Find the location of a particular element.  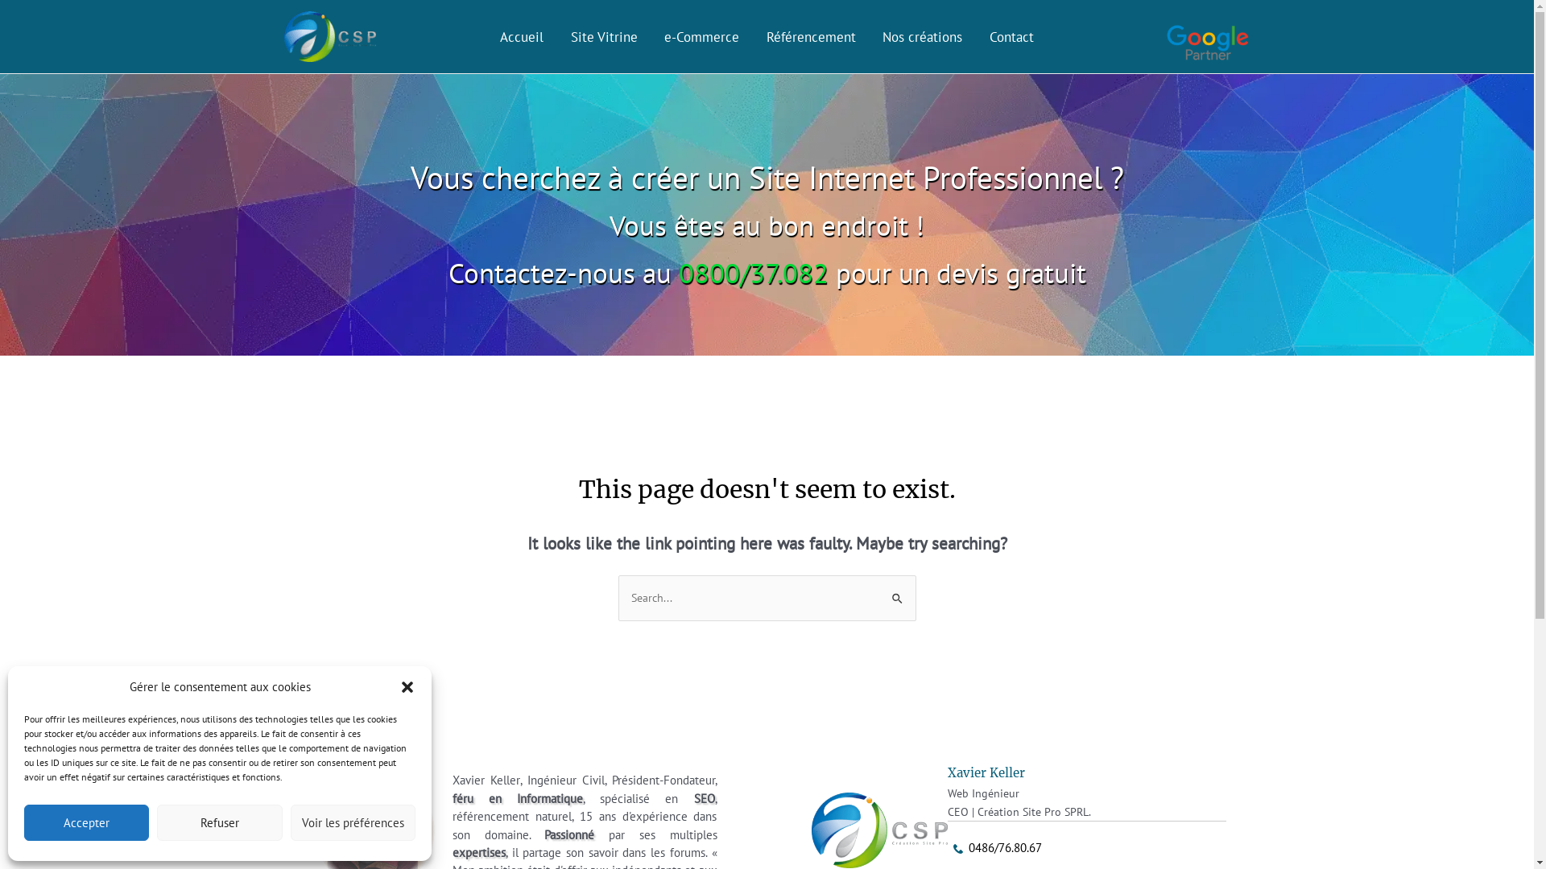

'Accueil' is located at coordinates (522, 36).